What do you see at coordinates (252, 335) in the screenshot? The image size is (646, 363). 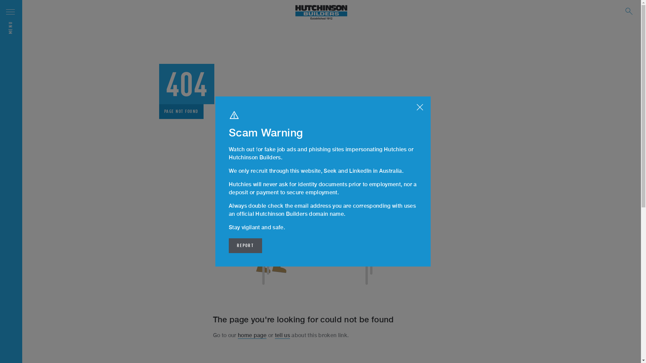 I see `'home page'` at bounding box center [252, 335].